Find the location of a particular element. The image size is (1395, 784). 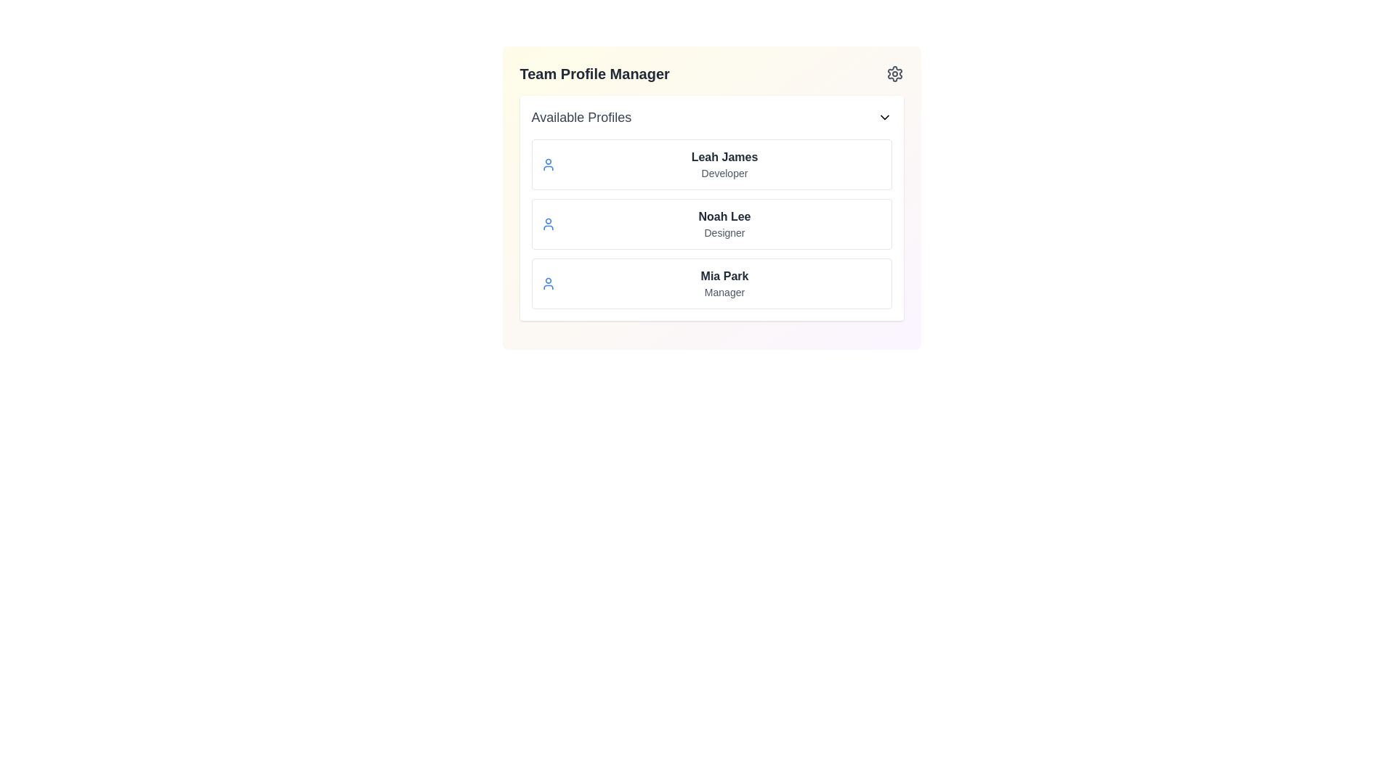

text label displaying 'Available Profiles', which is styled with a large, bold font in gray color and located in the 'Team Profile Manager' section is located at coordinates (581, 117).